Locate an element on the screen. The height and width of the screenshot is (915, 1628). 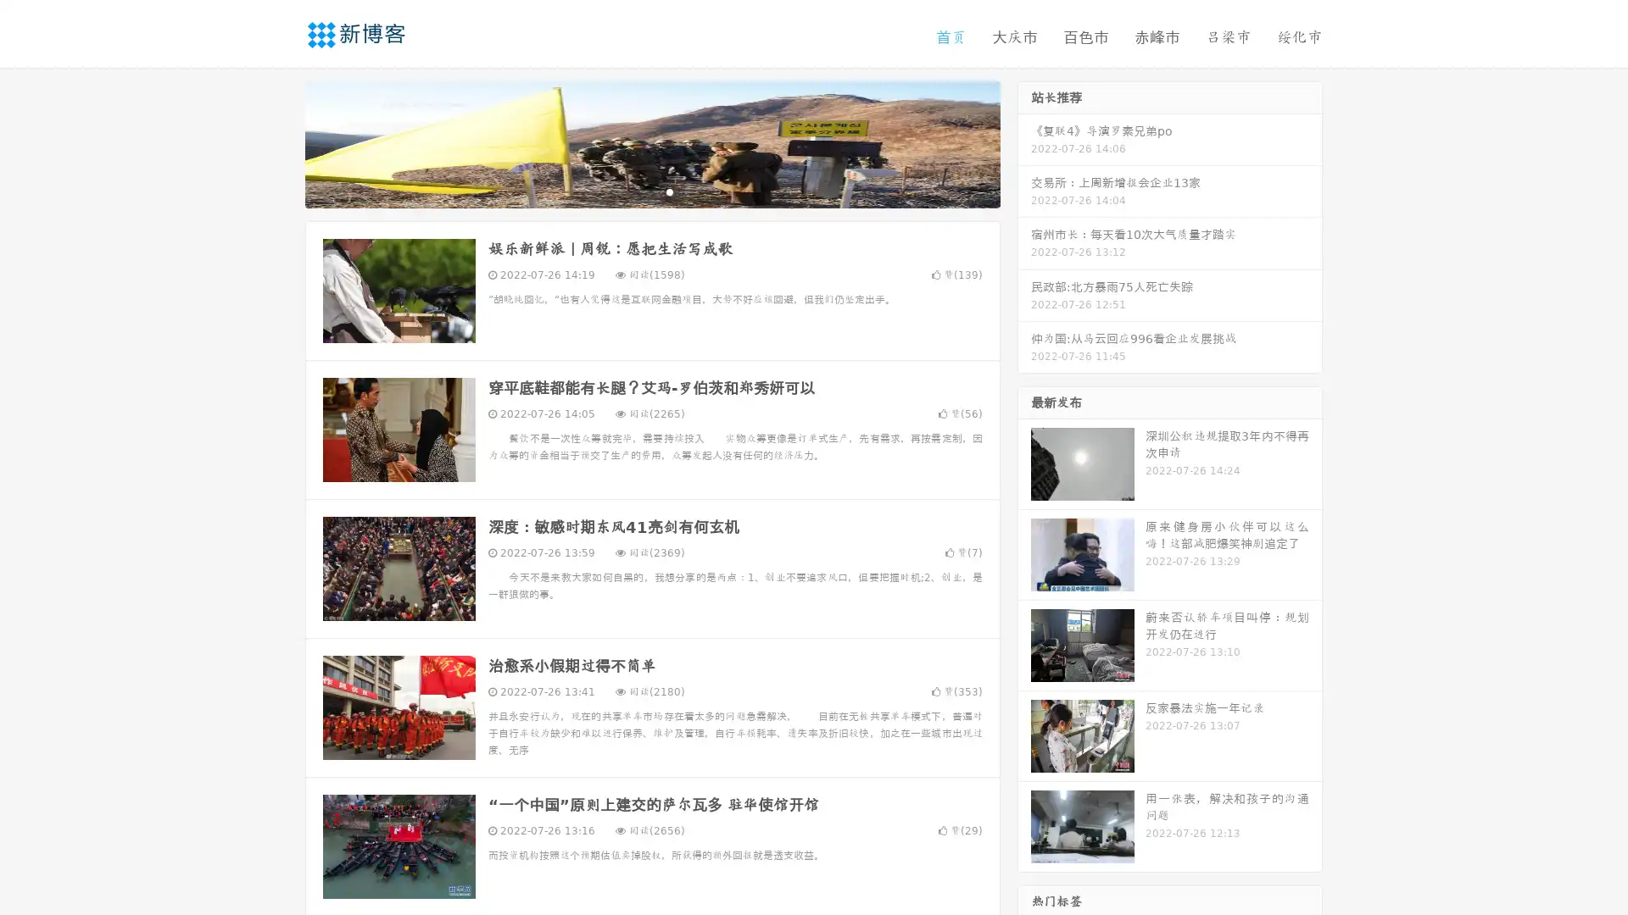
Go to slide 1 is located at coordinates (634, 191).